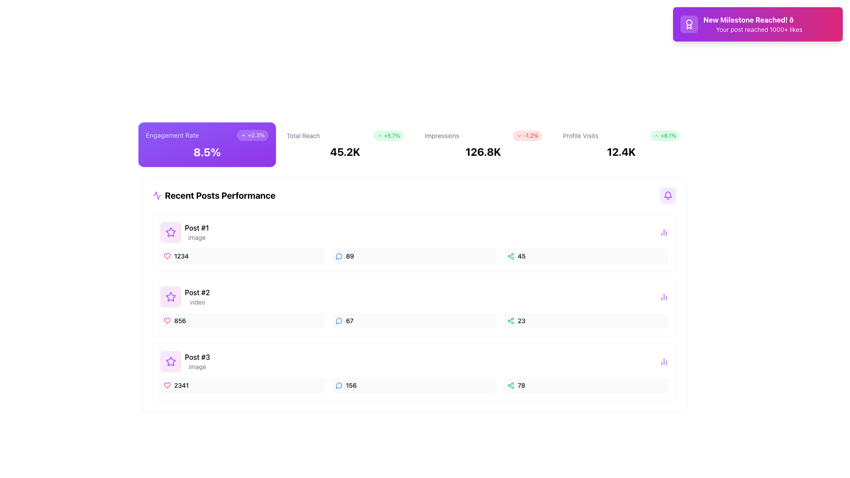  Describe the element at coordinates (167, 321) in the screenshot. I see `the heart-shaped icon outlined in pink, located to the left of the number '856' in the second entry of the 'Recent Posts Performance' list` at that location.